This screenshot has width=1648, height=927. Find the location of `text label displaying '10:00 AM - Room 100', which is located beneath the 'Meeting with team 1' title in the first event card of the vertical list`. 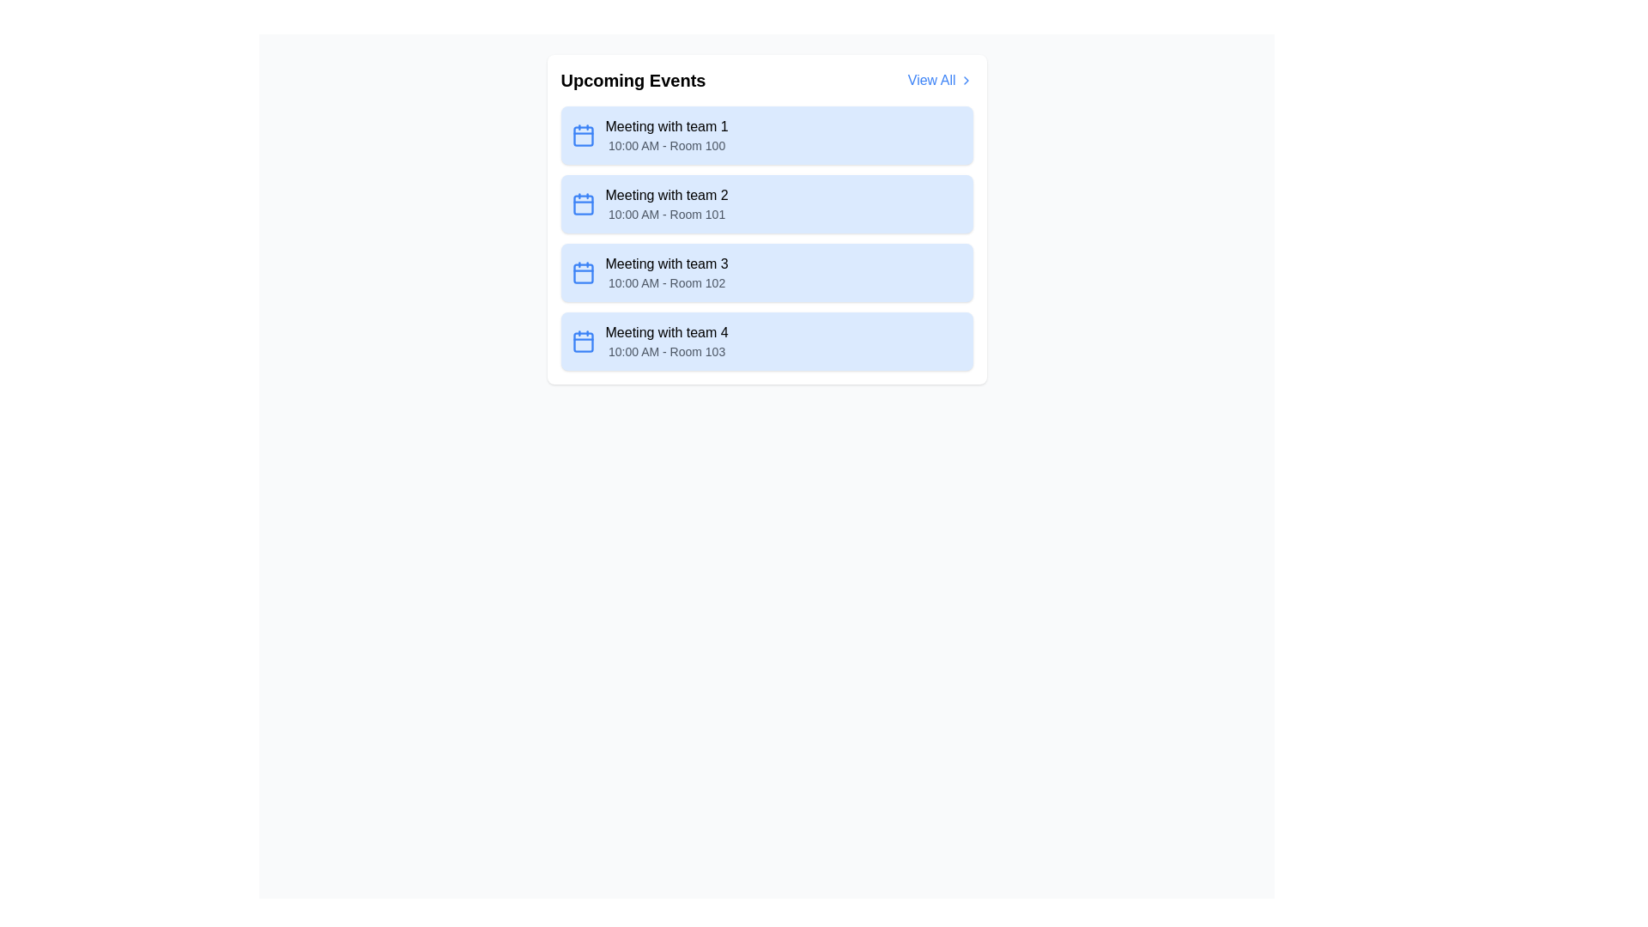

text label displaying '10:00 AM - Room 100', which is located beneath the 'Meeting with team 1' title in the first event card of the vertical list is located at coordinates (666, 144).